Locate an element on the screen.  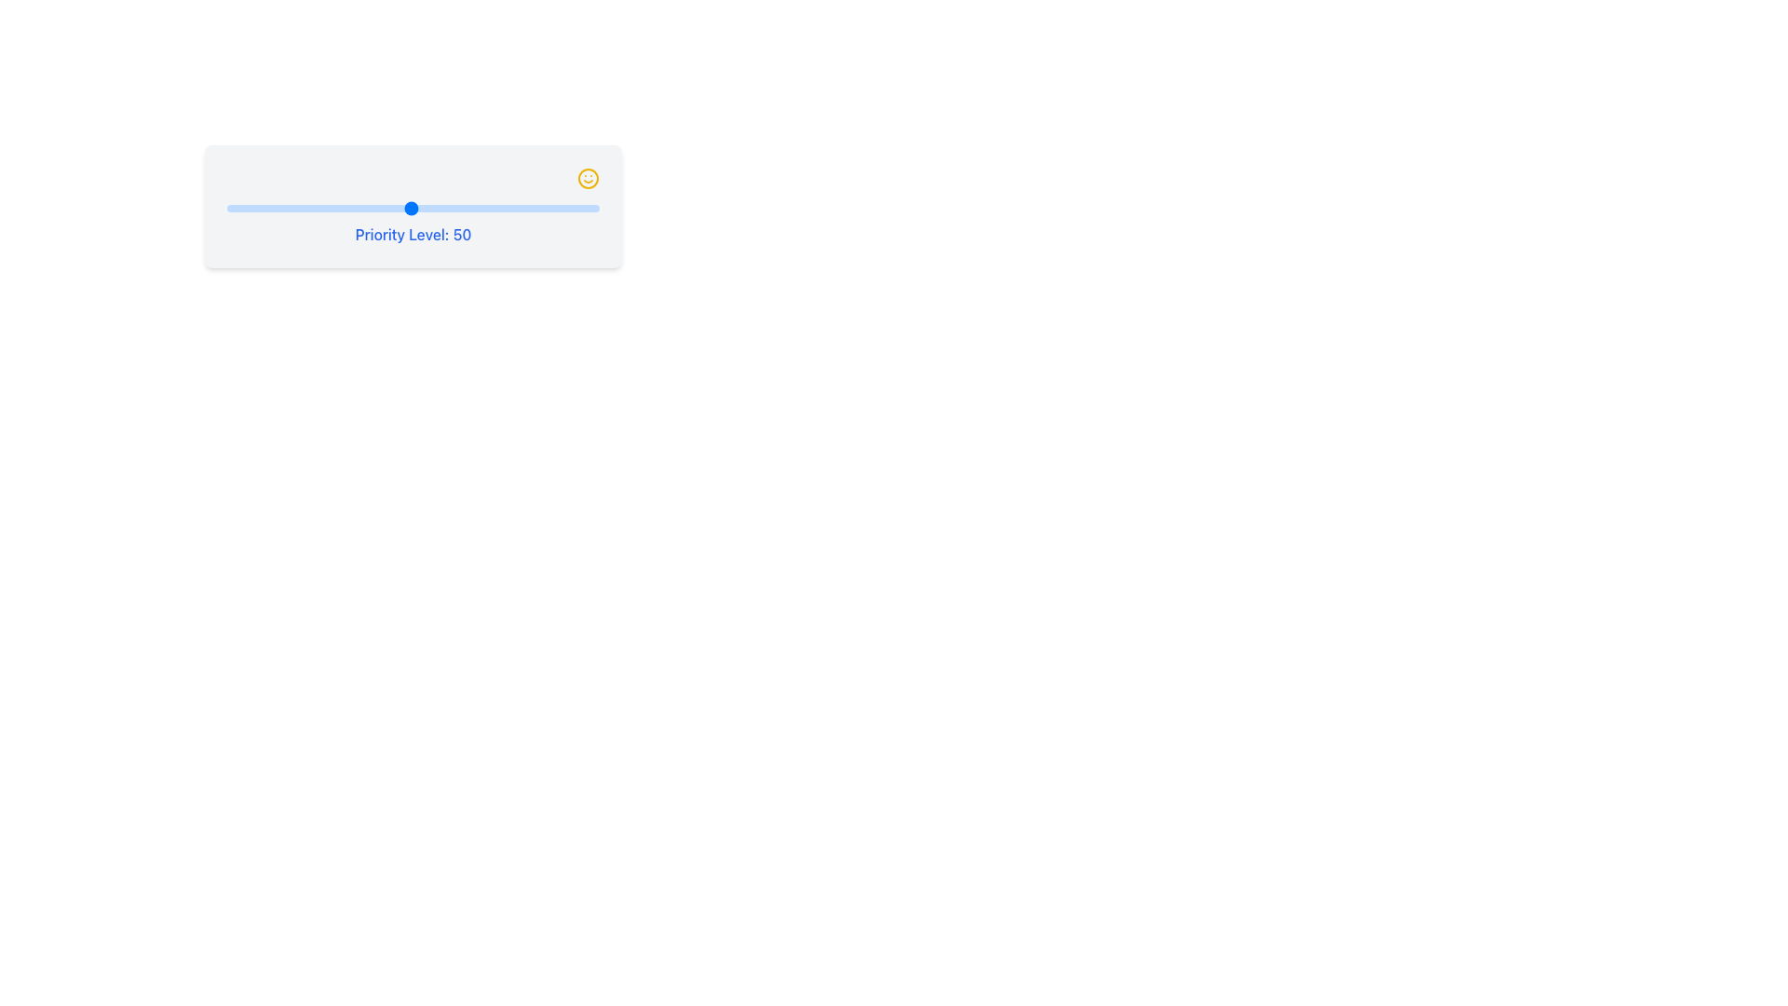
the priority level is located at coordinates (572, 208).